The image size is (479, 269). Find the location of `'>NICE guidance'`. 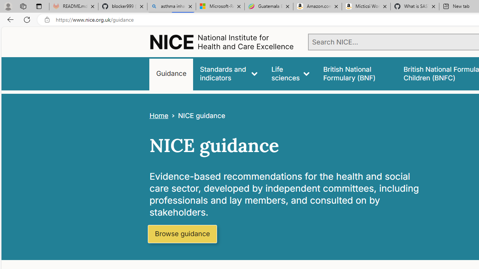

'>NICE guidance' is located at coordinates (196, 115).